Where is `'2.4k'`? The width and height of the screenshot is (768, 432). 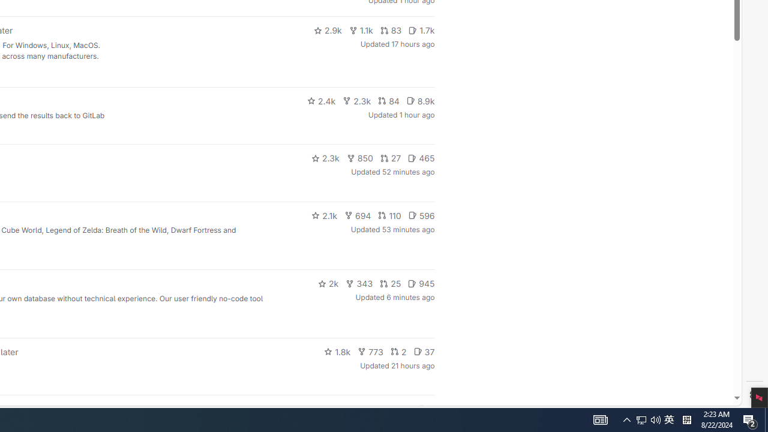 '2.4k' is located at coordinates (321, 100).